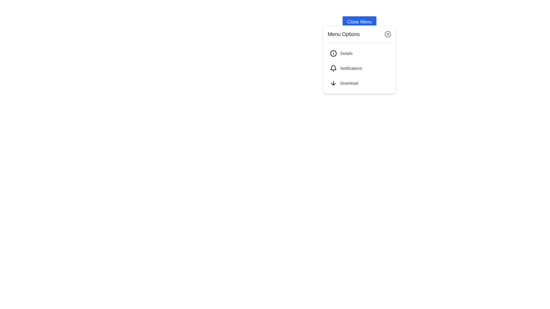 The image size is (550, 309). What do you see at coordinates (333, 53) in the screenshot?
I see `the circular 'info' icon located within the 'Details' menu item, positioned towards the top left adjacent to the 'Details' text` at bounding box center [333, 53].